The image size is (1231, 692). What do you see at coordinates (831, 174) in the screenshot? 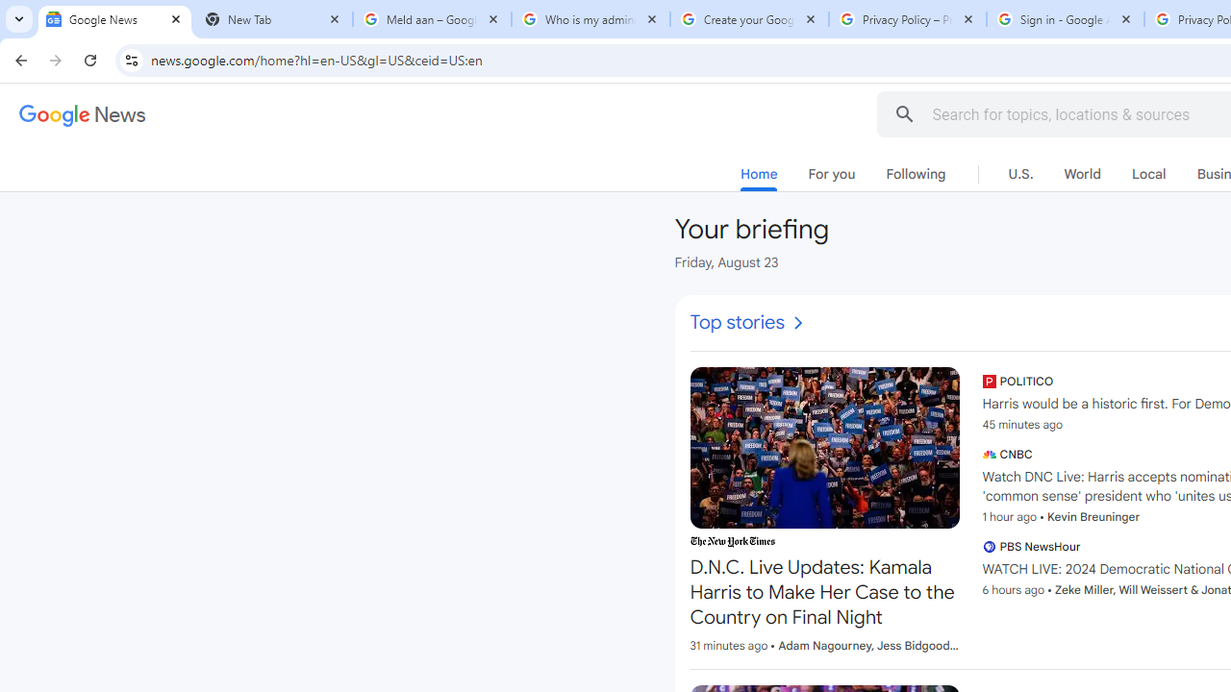
I see `'For you'` at bounding box center [831, 174].